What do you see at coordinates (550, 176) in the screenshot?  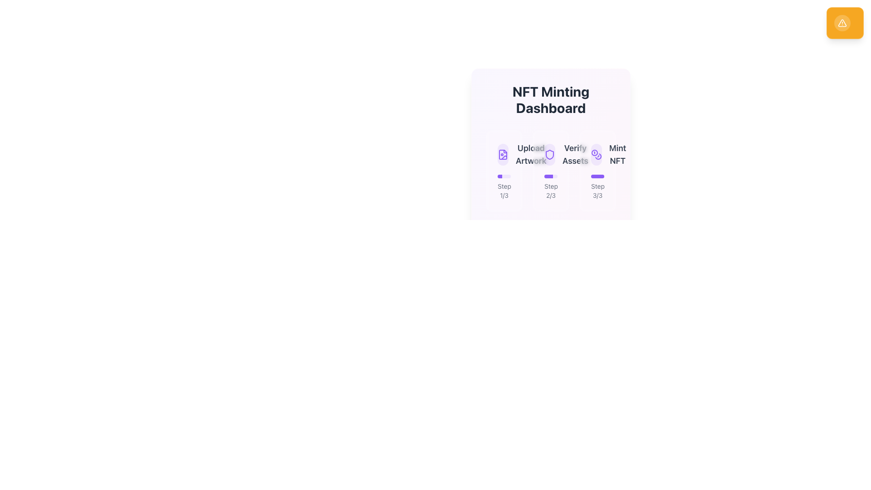 I see `the progress visually on the Progress Indicator located in the second column of the progress tracking section below 'Step 2/3.'` at bounding box center [550, 176].